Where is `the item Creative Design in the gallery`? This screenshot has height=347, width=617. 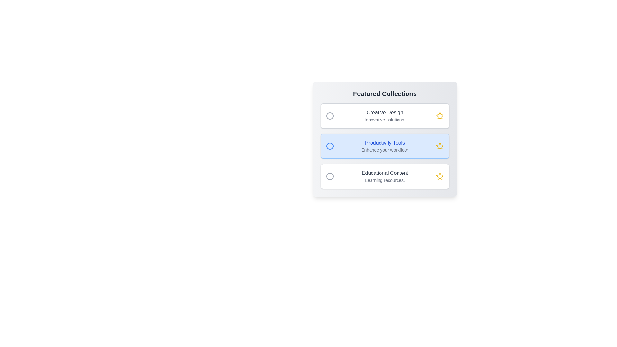
the item Creative Design in the gallery is located at coordinates (385, 116).